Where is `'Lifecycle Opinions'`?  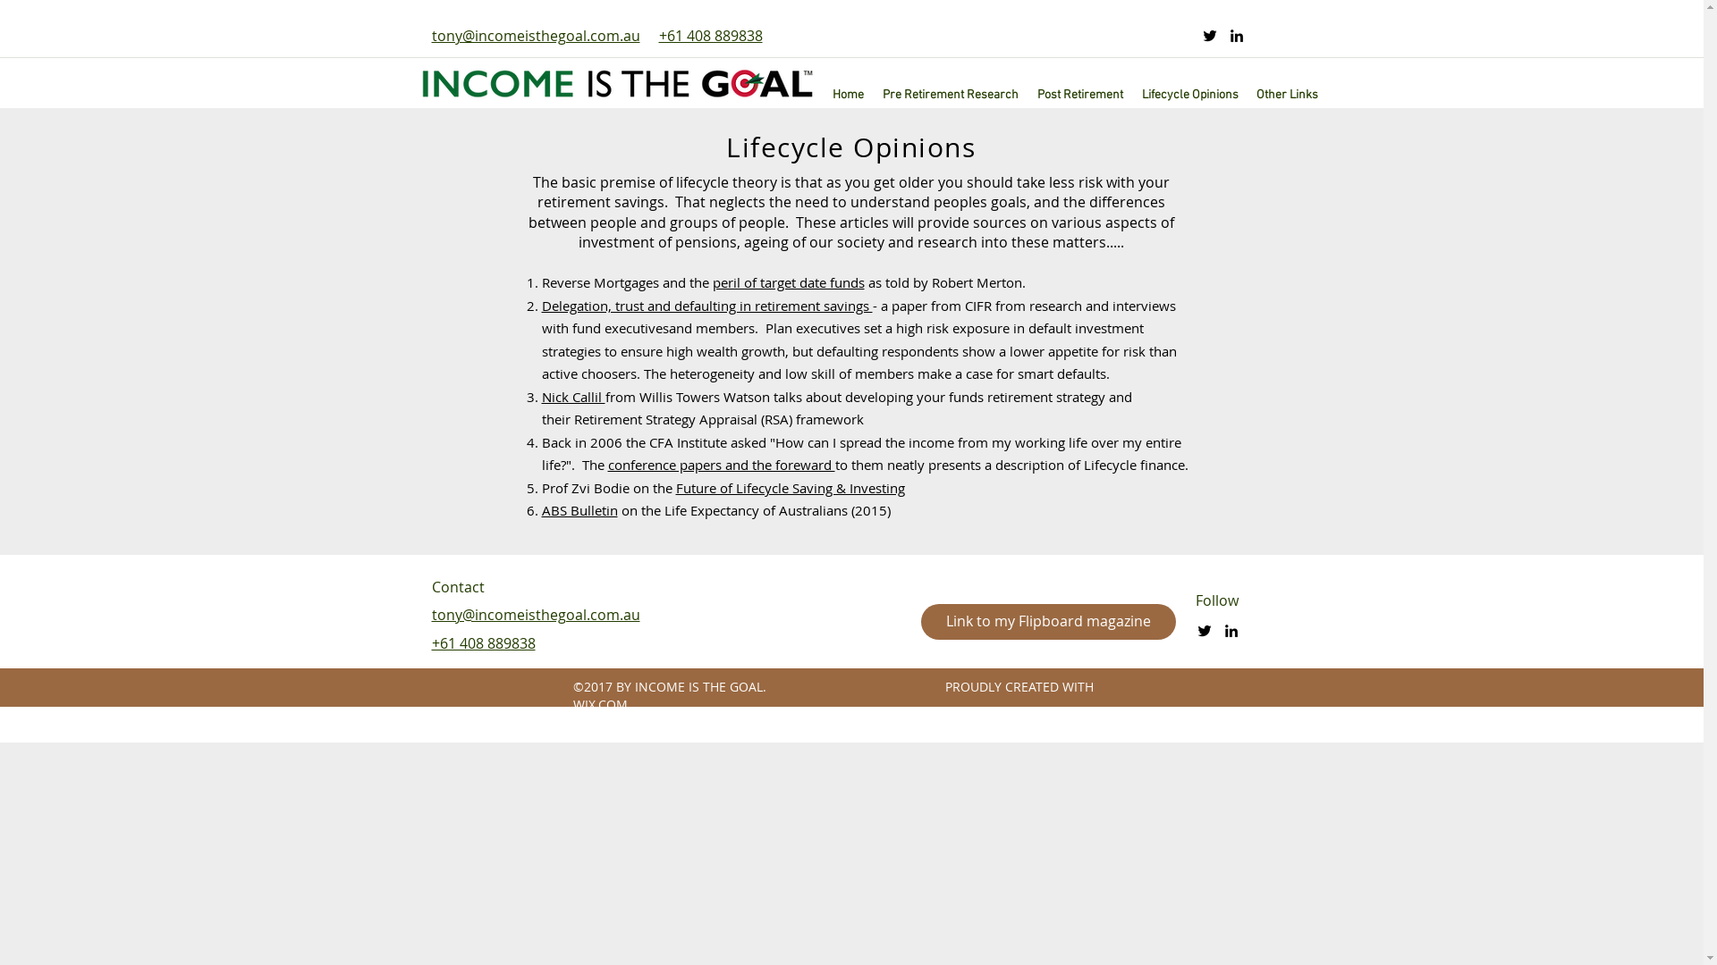
'Lifecycle Opinions' is located at coordinates (1189, 95).